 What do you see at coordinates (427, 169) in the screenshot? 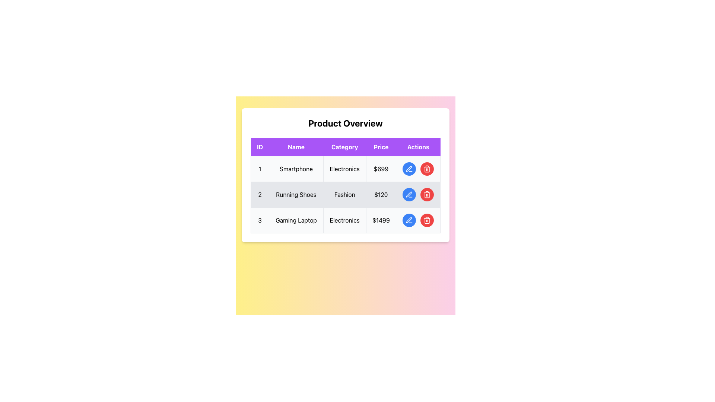
I see `the delete button located in the 'Actions' column of the first row in the table` at bounding box center [427, 169].